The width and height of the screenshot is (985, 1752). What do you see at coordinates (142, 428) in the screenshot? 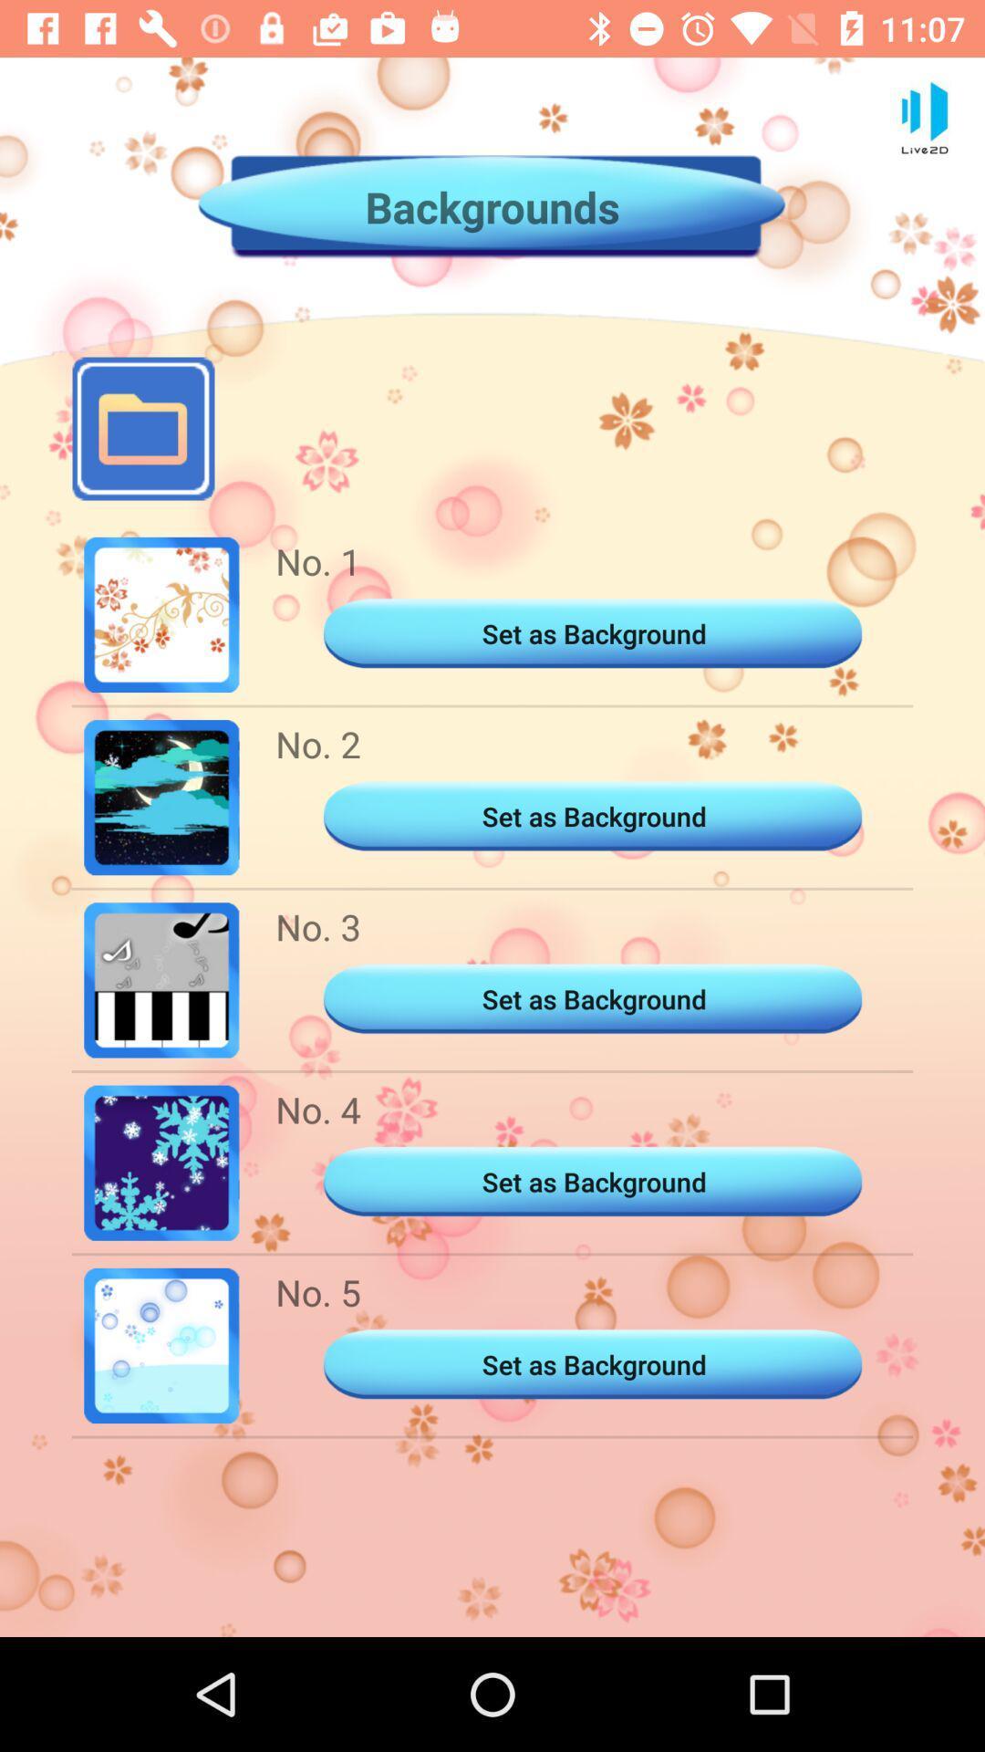
I see `the folder icon` at bounding box center [142, 428].